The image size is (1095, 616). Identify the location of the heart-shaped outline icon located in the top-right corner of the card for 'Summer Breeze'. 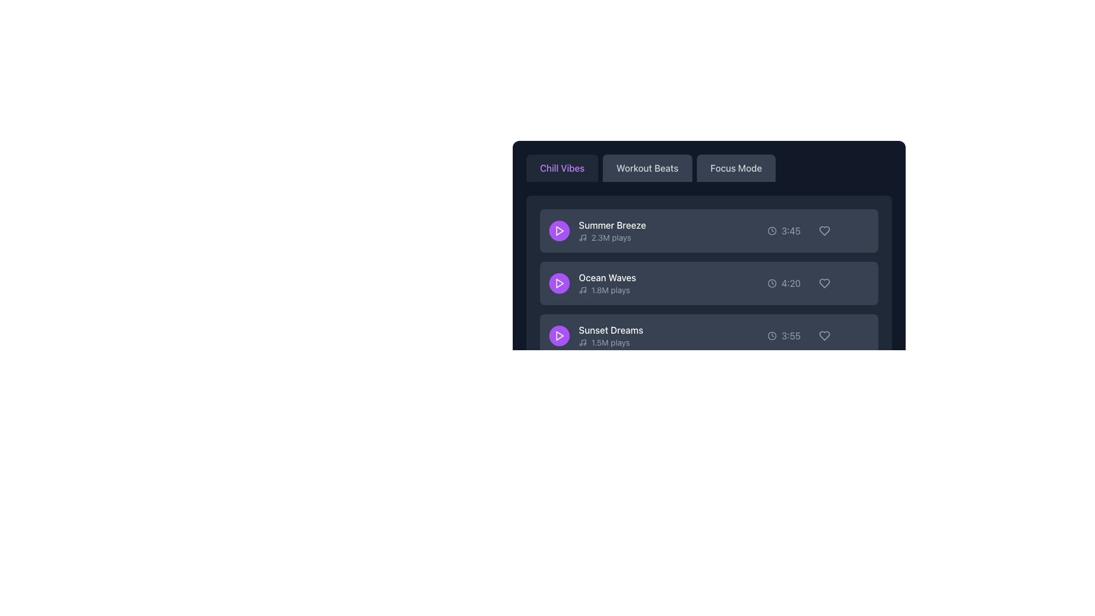
(824, 231).